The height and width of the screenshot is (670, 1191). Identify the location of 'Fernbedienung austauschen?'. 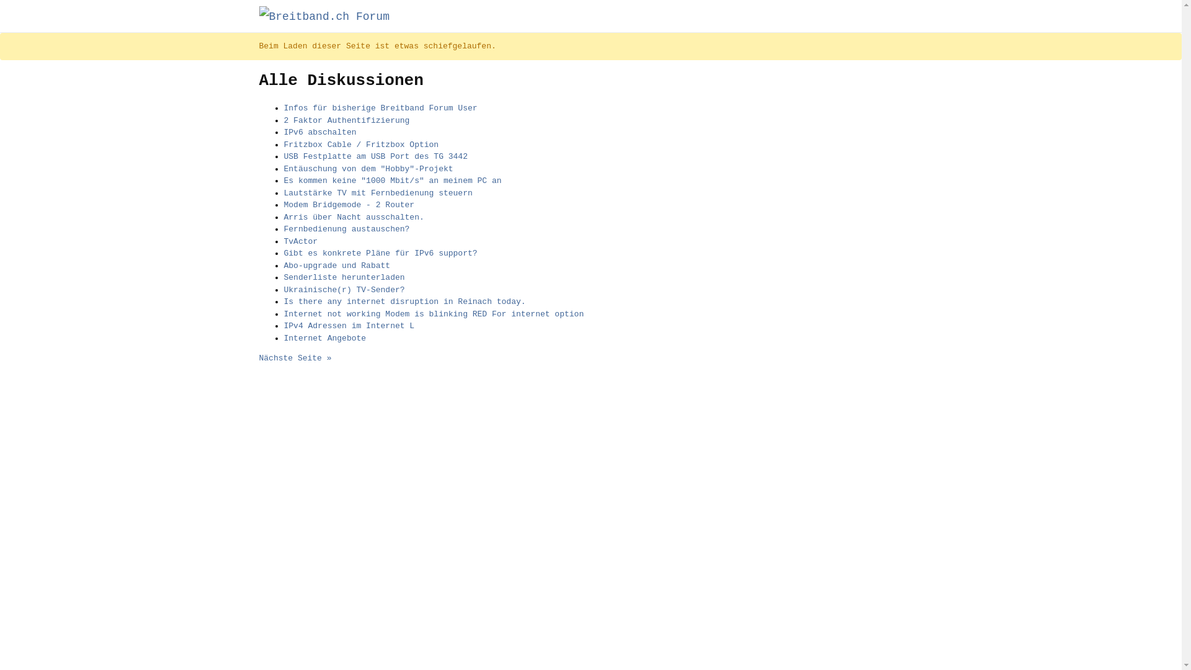
(347, 229).